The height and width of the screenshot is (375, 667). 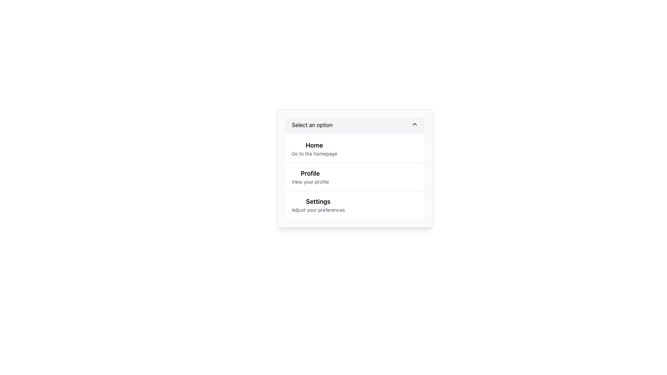 What do you see at coordinates (355, 148) in the screenshot?
I see `the first menu item in the dropdown that navigates to the homepage of the application` at bounding box center [355, 148].